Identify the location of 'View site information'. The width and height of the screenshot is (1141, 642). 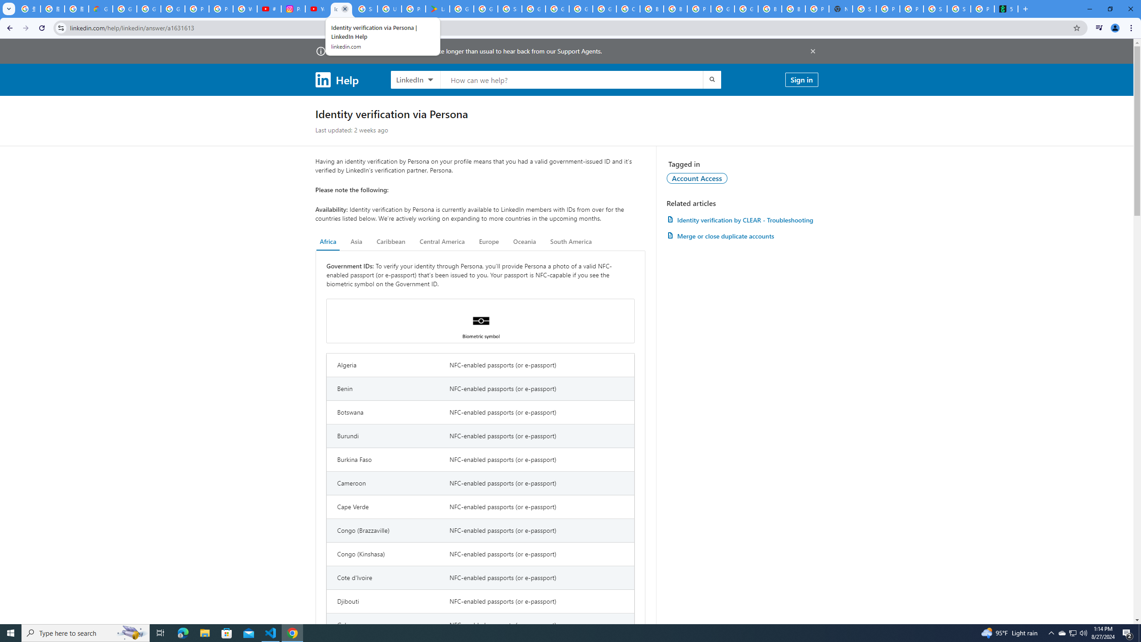
(60, 27).